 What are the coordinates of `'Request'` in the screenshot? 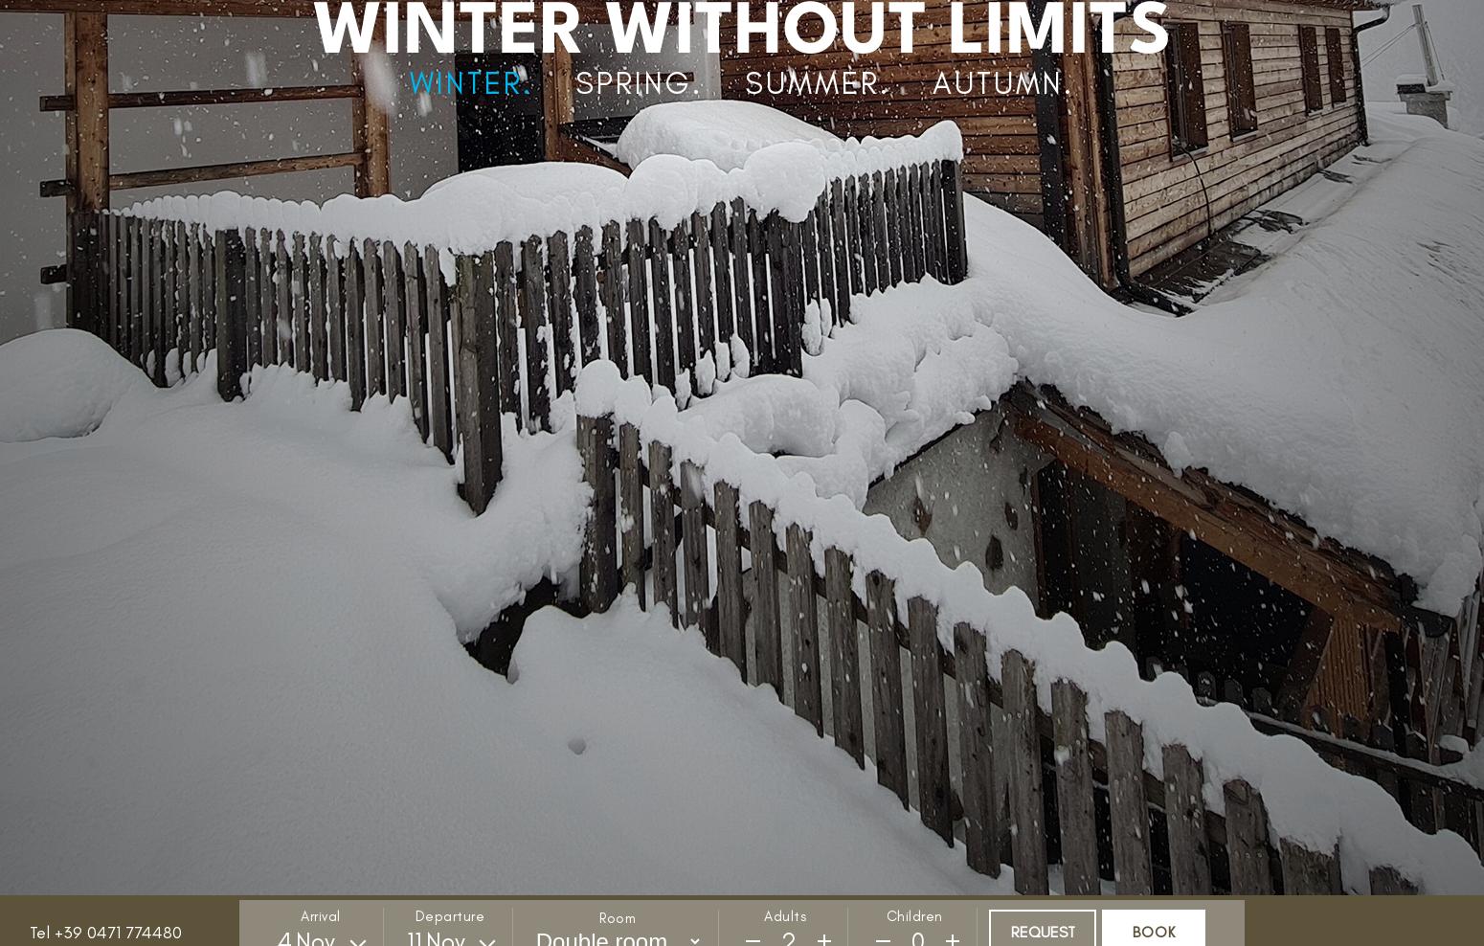 It's located at (1041, 932).